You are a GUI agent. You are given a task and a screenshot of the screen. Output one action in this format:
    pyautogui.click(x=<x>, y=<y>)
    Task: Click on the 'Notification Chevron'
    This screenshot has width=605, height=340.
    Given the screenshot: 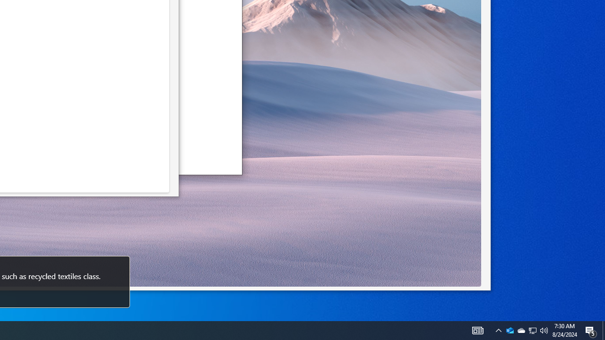 What is the action you would take?
    pyautogui.click(x=498, y=330)
    